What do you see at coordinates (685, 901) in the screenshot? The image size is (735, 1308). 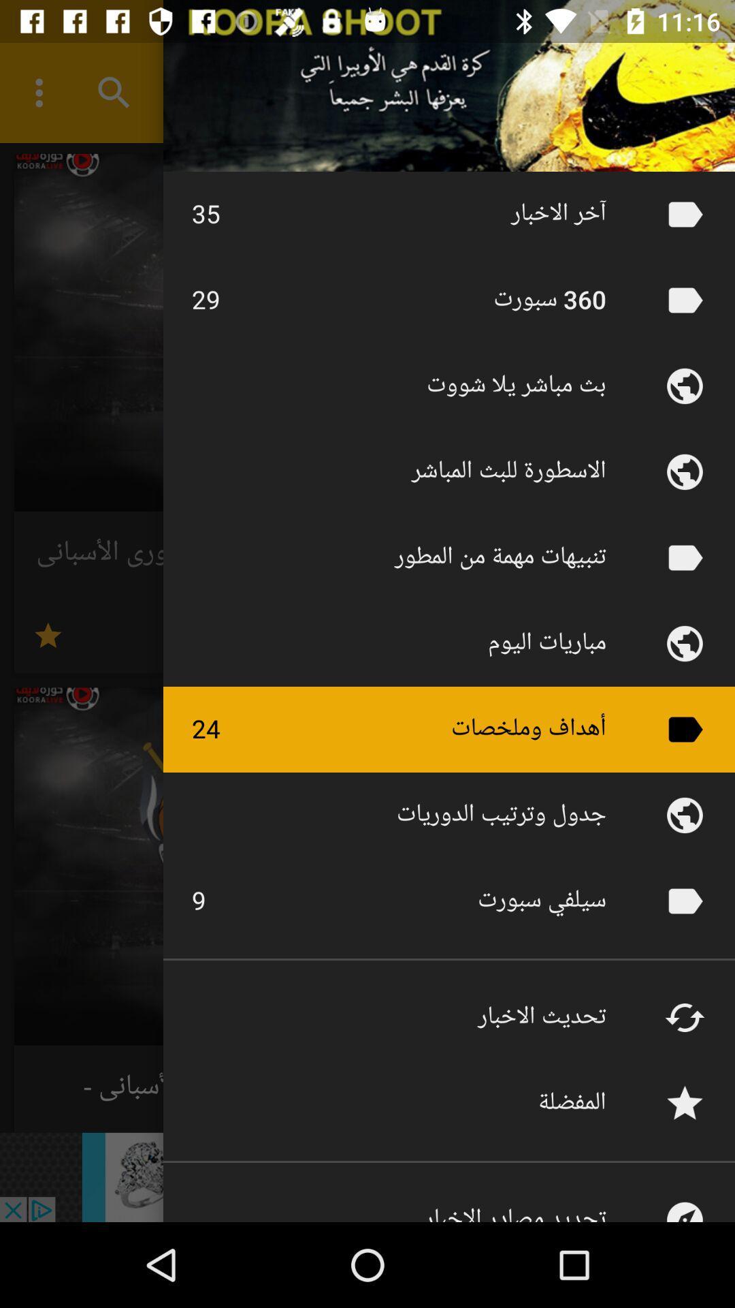 I see `the button above the refresh button on the web page` at bounding box center [685, 901].